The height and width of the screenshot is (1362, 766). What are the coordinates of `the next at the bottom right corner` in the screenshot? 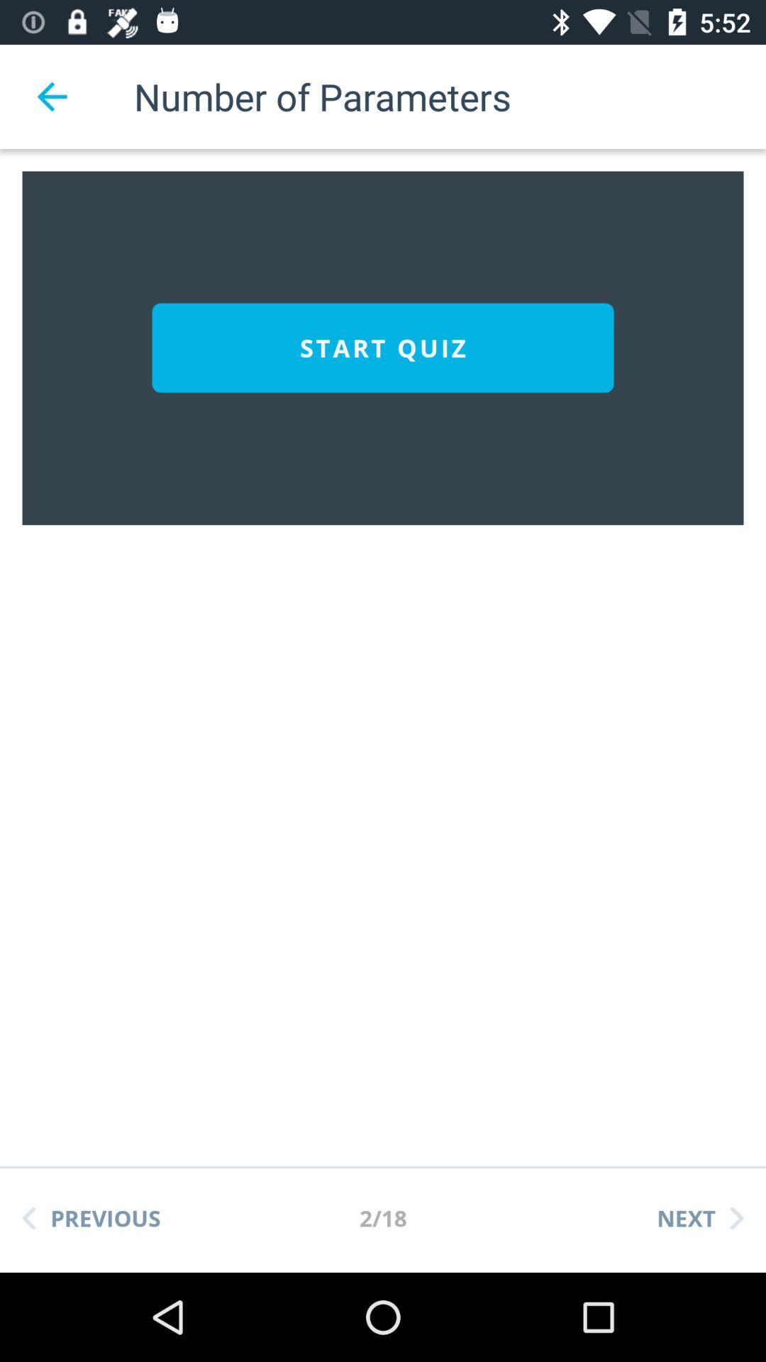 It's located at (699, 1217).